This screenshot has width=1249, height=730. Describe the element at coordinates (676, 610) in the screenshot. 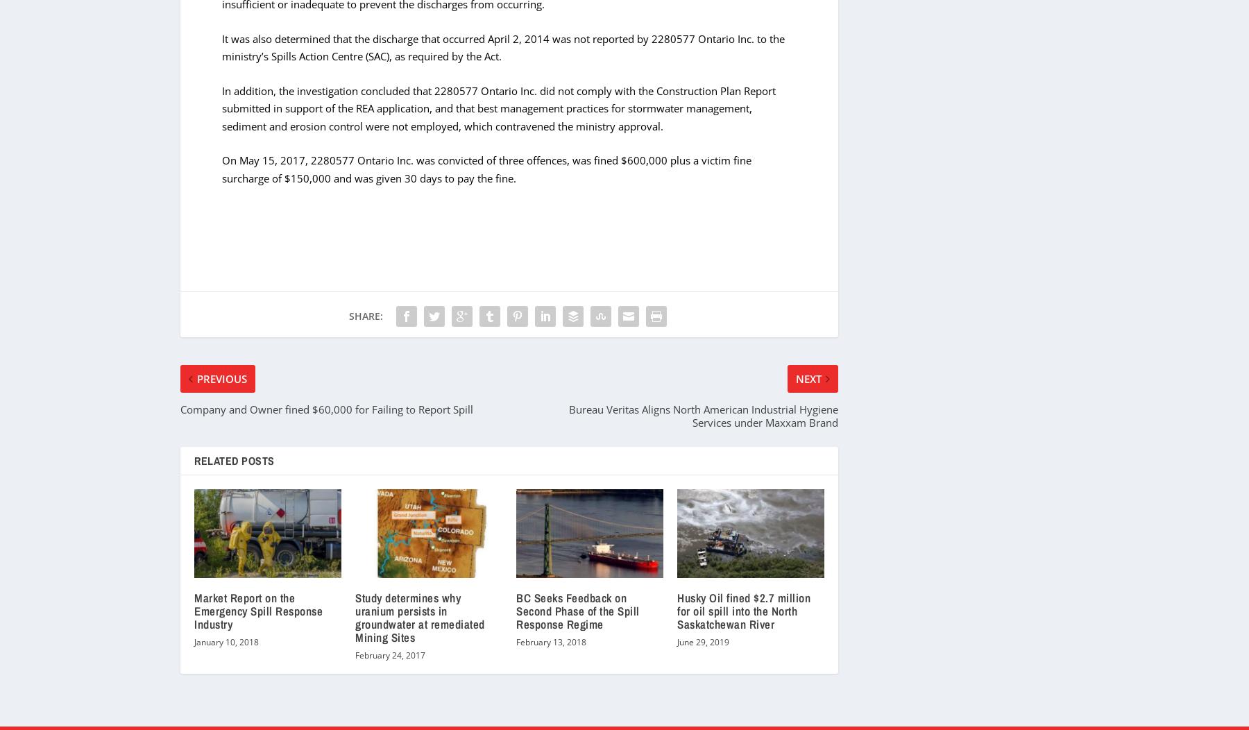

I see `'Husky Oil fined $2.7 million for oil spill into the North Saskatchewan River'` at that location.